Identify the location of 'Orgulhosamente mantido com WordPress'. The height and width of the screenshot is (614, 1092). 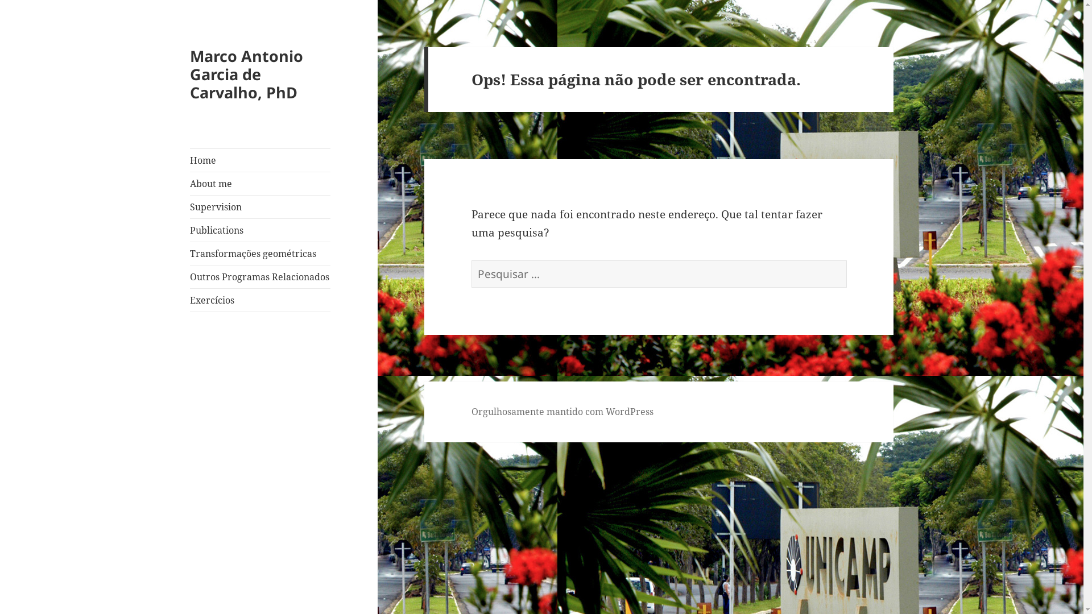
(562, 412).